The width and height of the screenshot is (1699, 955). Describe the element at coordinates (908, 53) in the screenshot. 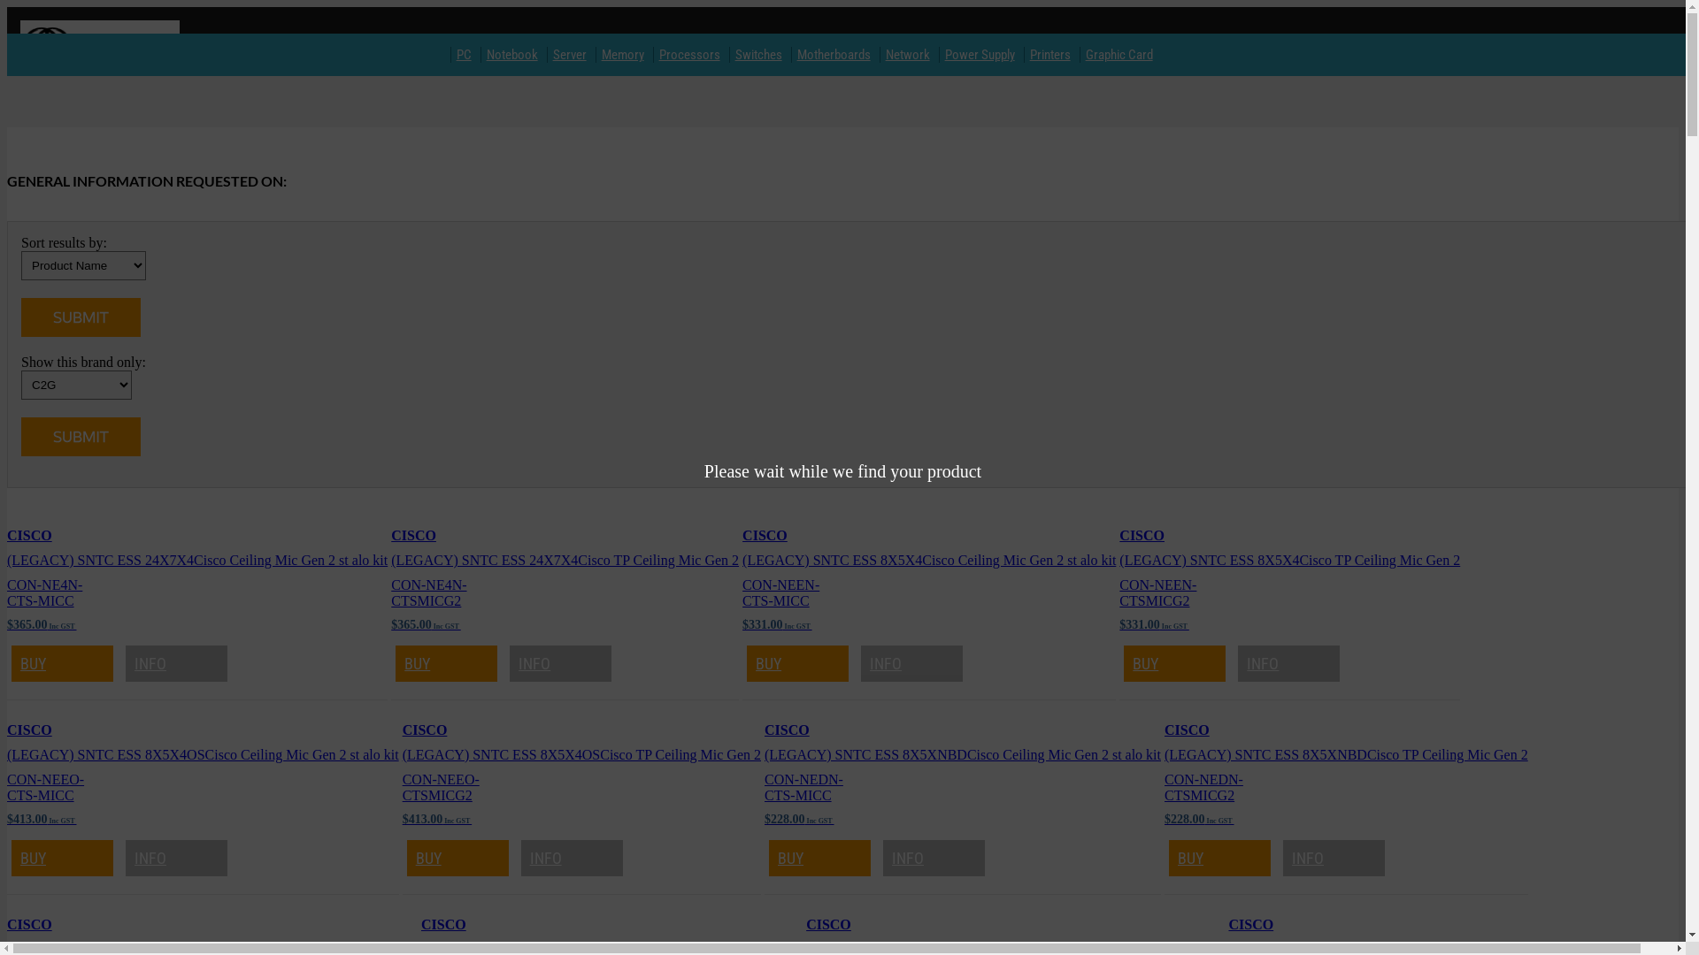

I see `'Network'` at that location.